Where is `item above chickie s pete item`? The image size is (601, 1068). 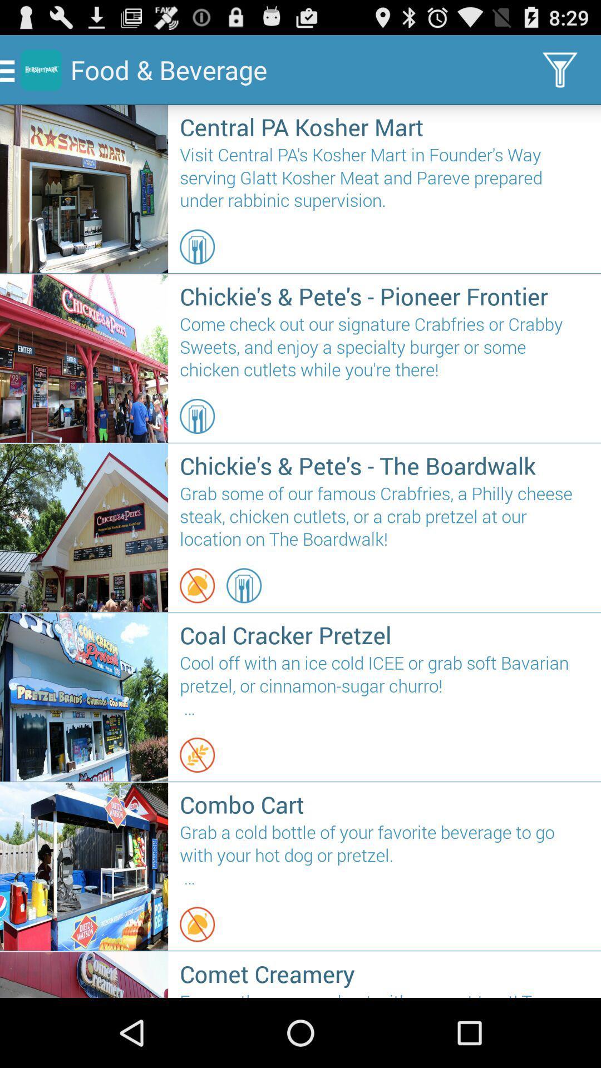
item above chickie s pete item is located at coordinates (196, 416).